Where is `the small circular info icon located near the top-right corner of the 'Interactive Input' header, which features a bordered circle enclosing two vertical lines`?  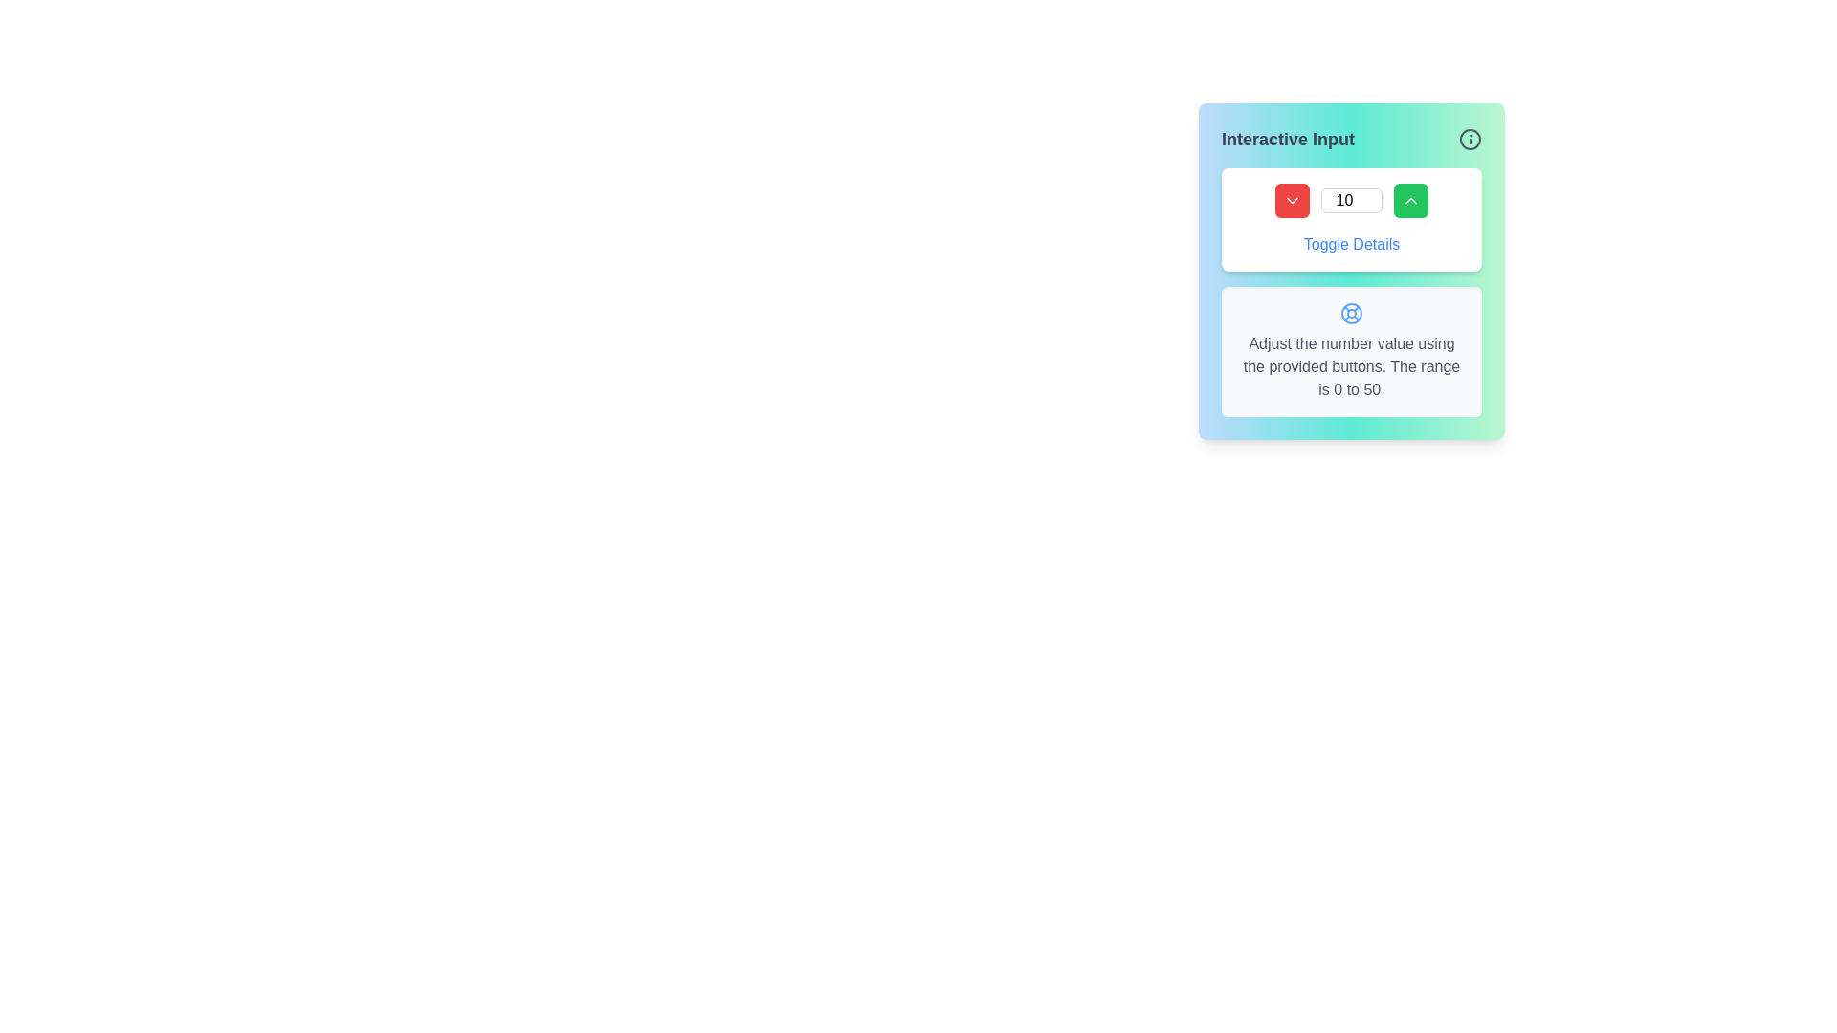
the small circular info icon located near the top-right corner of the 'Interactive Input' header, which features a bordered circle enclosing two vertical lines is located at coordinates (1469, 139).